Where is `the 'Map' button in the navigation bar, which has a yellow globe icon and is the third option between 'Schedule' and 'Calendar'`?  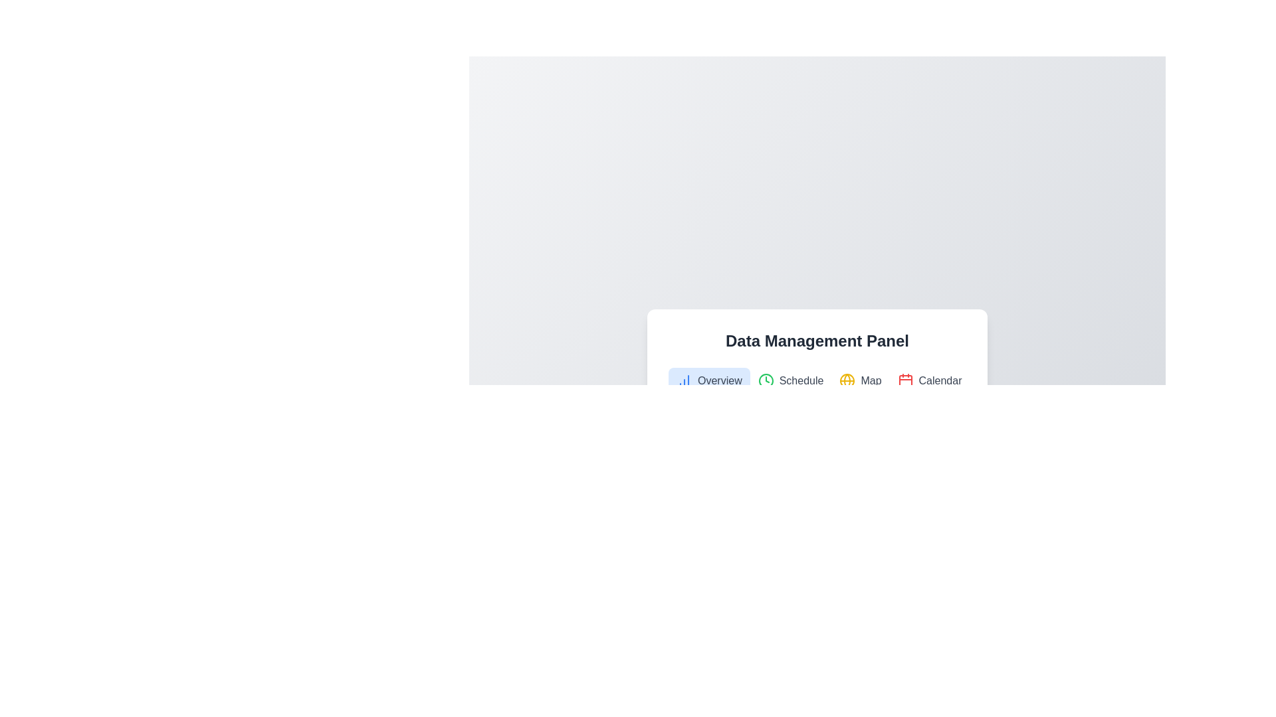
the 'Map' button in the navigation bar, which has a yellow globe icon and is the third option between 'Schedule' and 'Calendar' is located at coordinates (861, 381).